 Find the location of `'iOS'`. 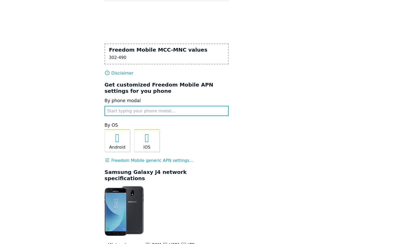

'iOS' is located at coordinates (146, 147).